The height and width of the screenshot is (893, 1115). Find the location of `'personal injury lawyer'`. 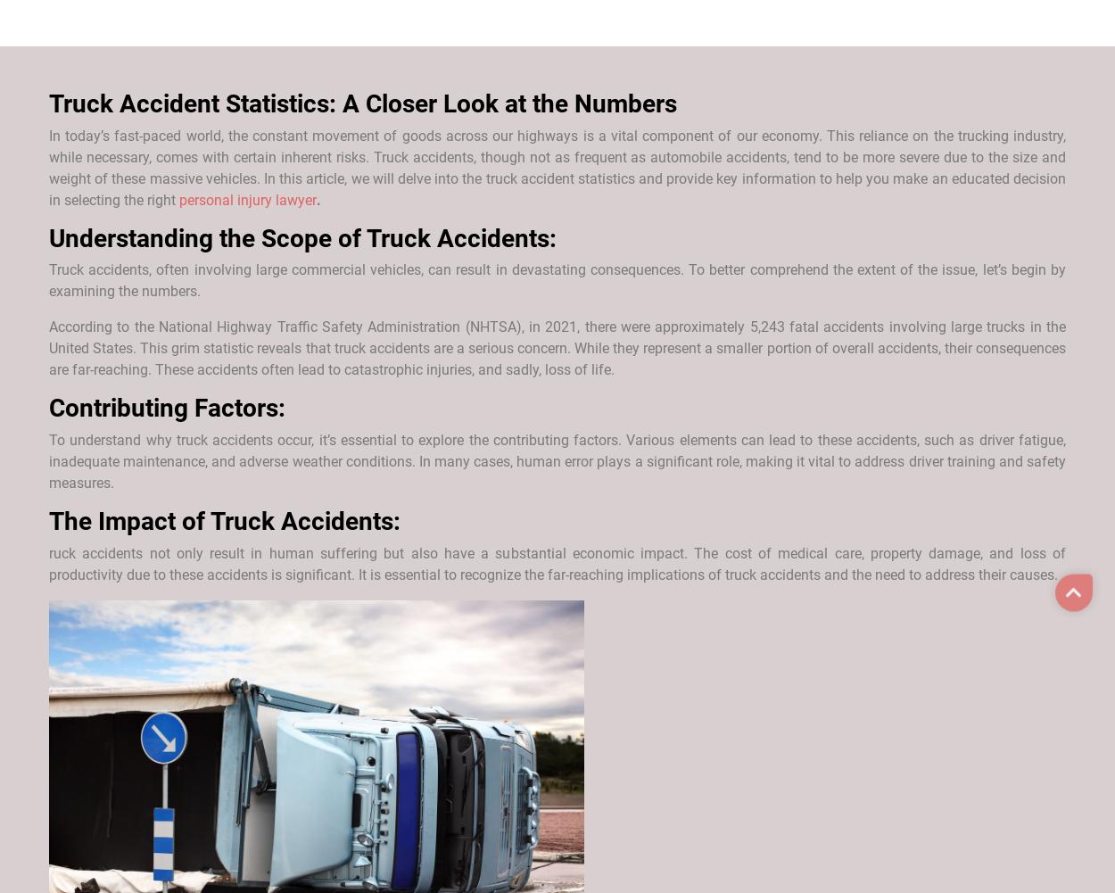

'personal injury lawyer' is located at coordinates (248, 198).